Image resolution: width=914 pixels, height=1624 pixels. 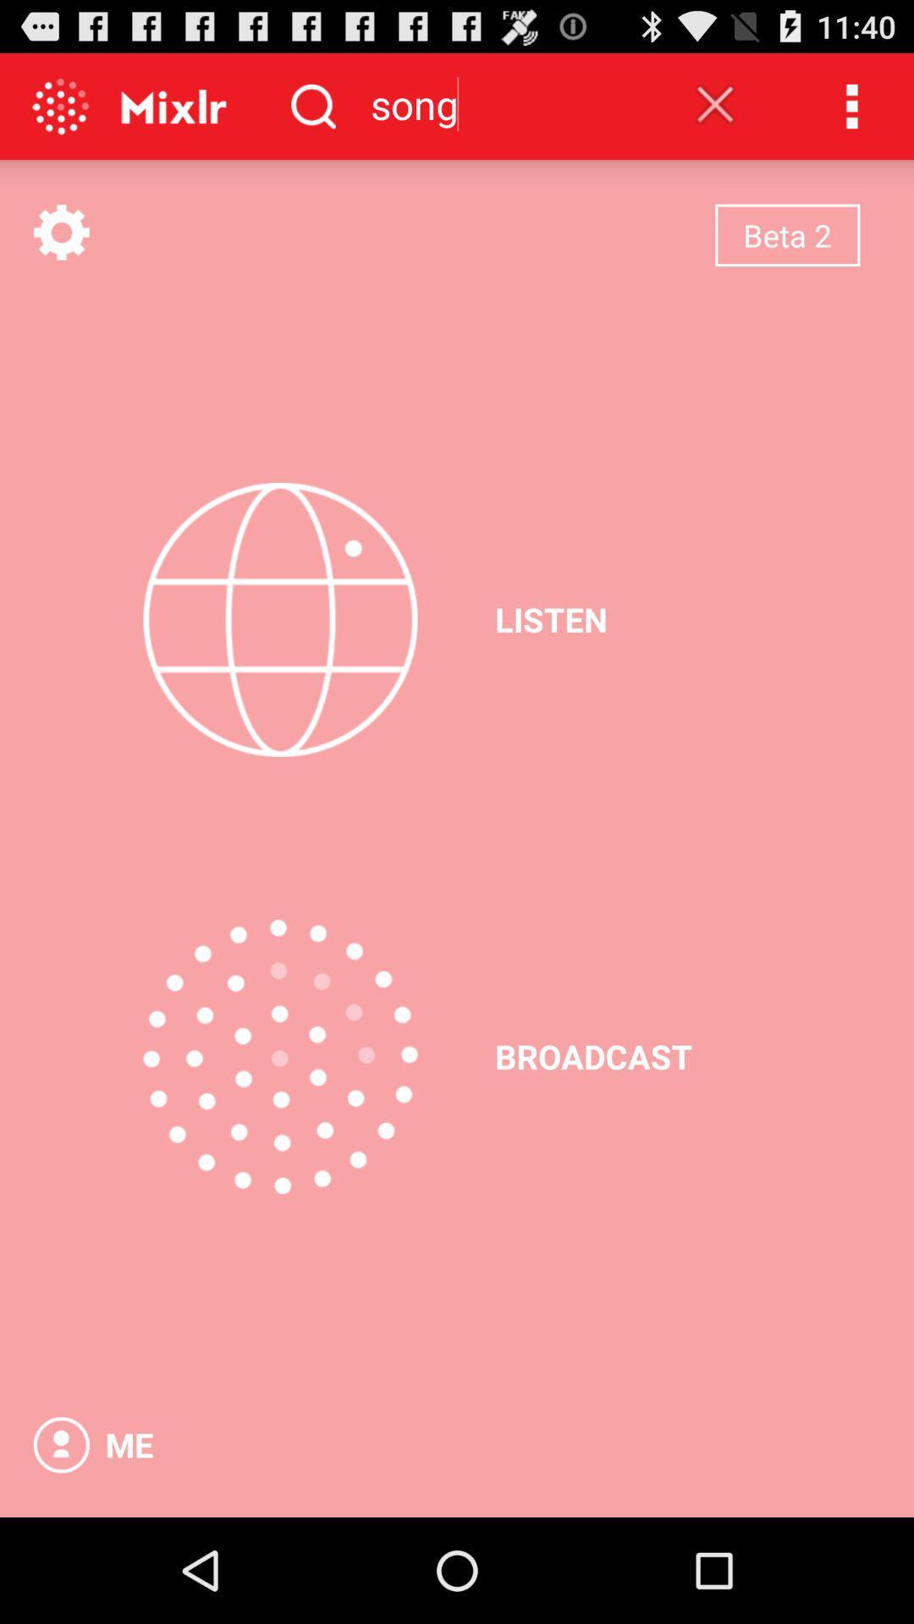 I want to click on the app next to broadcast icon, so click(x=279, y=1056).